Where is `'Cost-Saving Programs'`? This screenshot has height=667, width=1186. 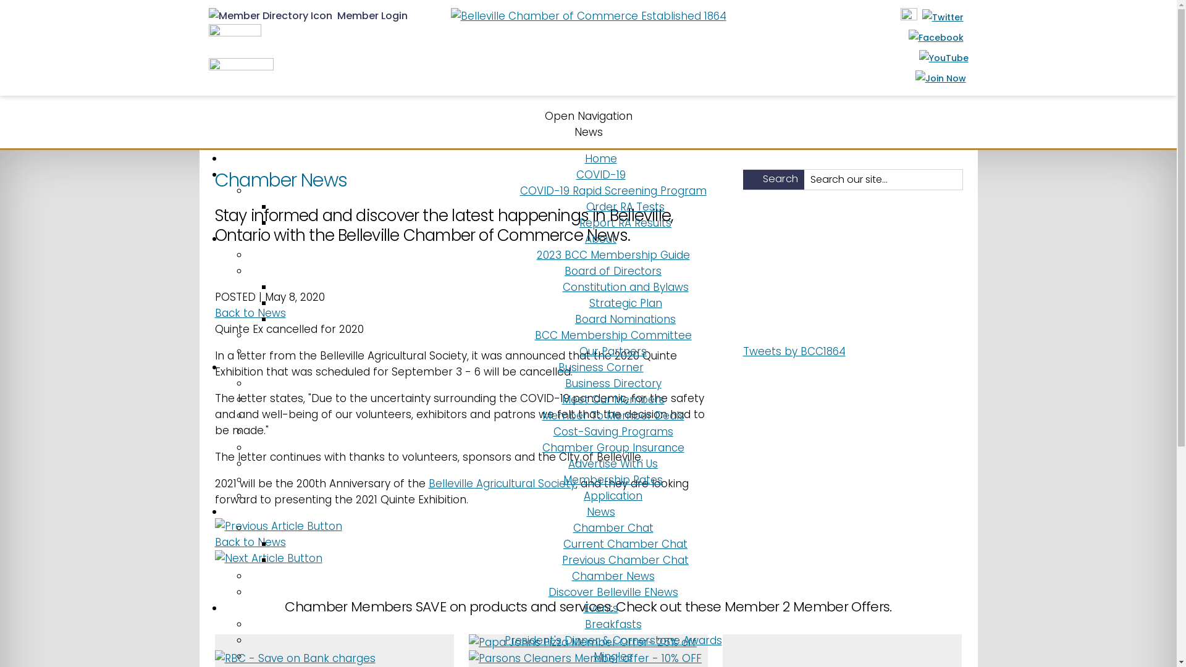 'Cost-Saving Programs' is located at coordinates (613, 430).